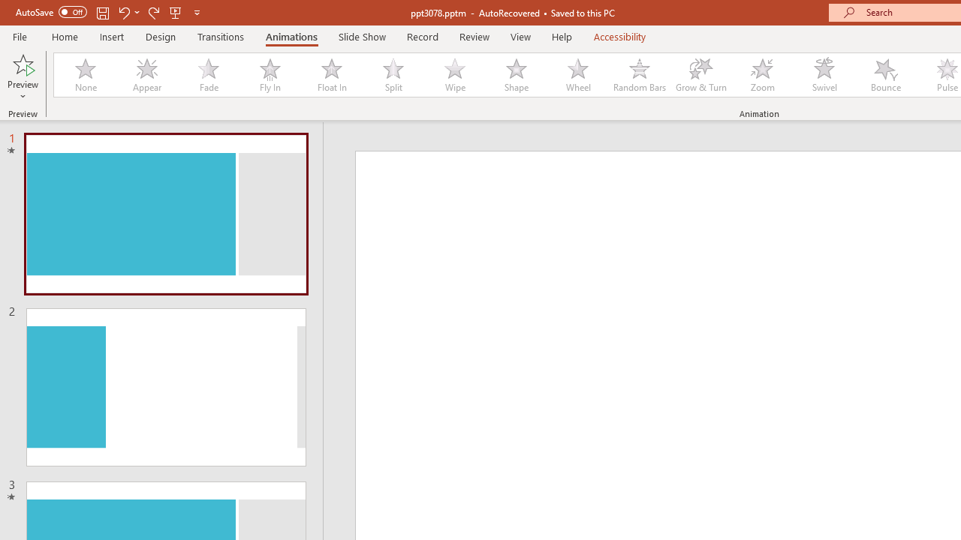  I want to click on 'Swivel', so click(824, 75).